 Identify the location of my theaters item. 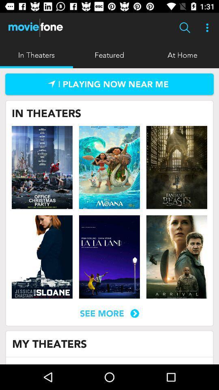
(49, 343).